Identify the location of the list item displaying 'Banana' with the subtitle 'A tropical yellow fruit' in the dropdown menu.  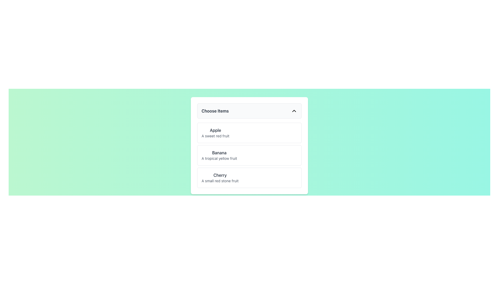
(249, 155).